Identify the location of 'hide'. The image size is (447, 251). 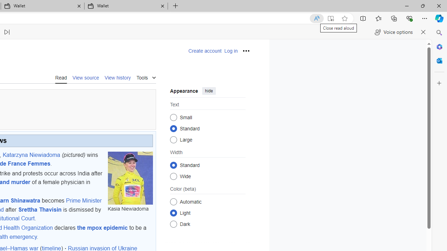
(208, 90).